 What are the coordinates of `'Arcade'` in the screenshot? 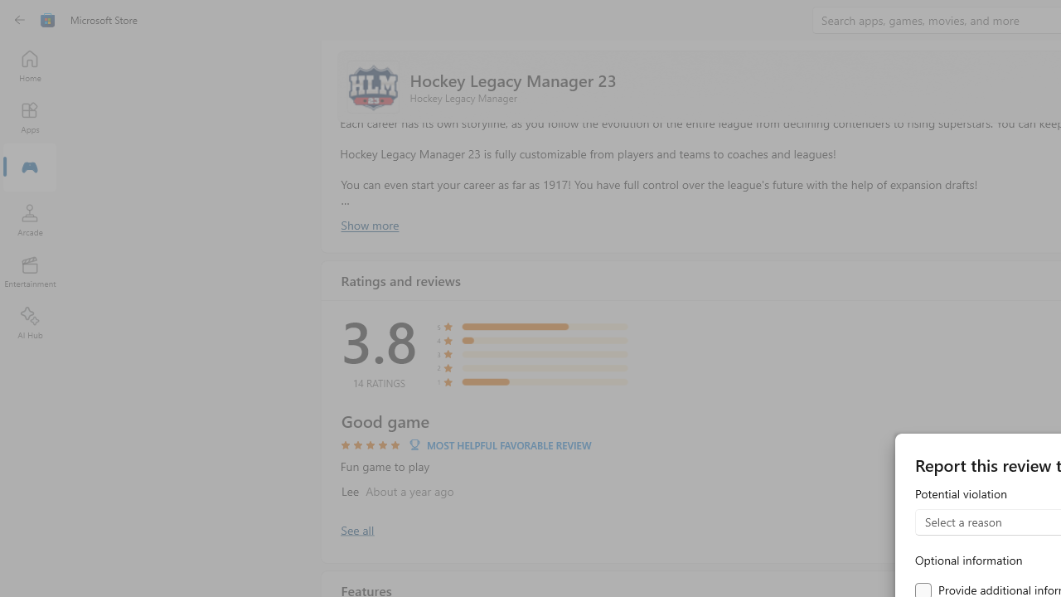 It's located at (29, 219).